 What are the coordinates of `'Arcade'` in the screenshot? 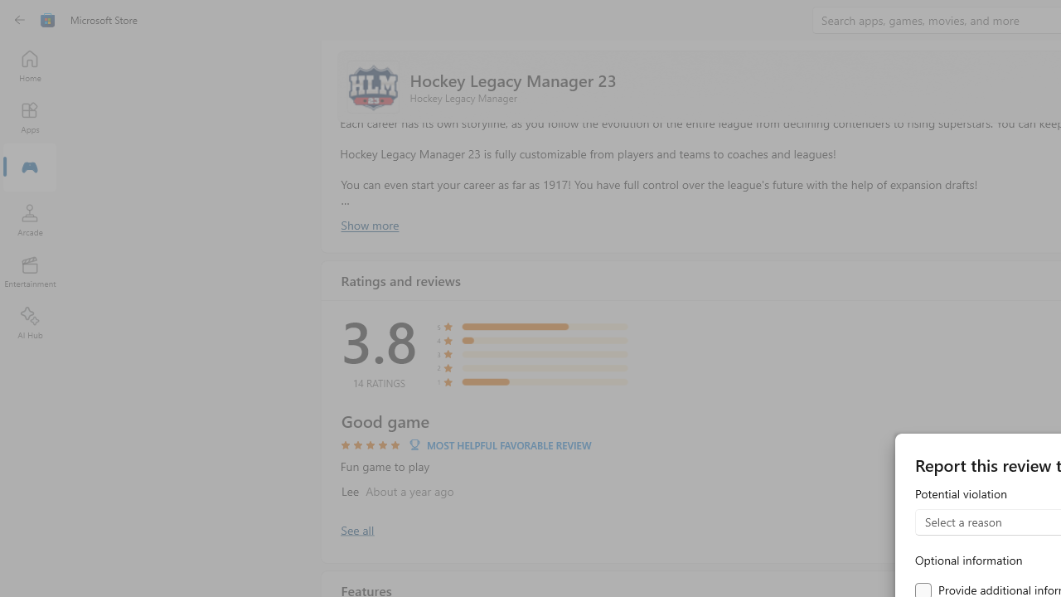 It's located at (29, 219).